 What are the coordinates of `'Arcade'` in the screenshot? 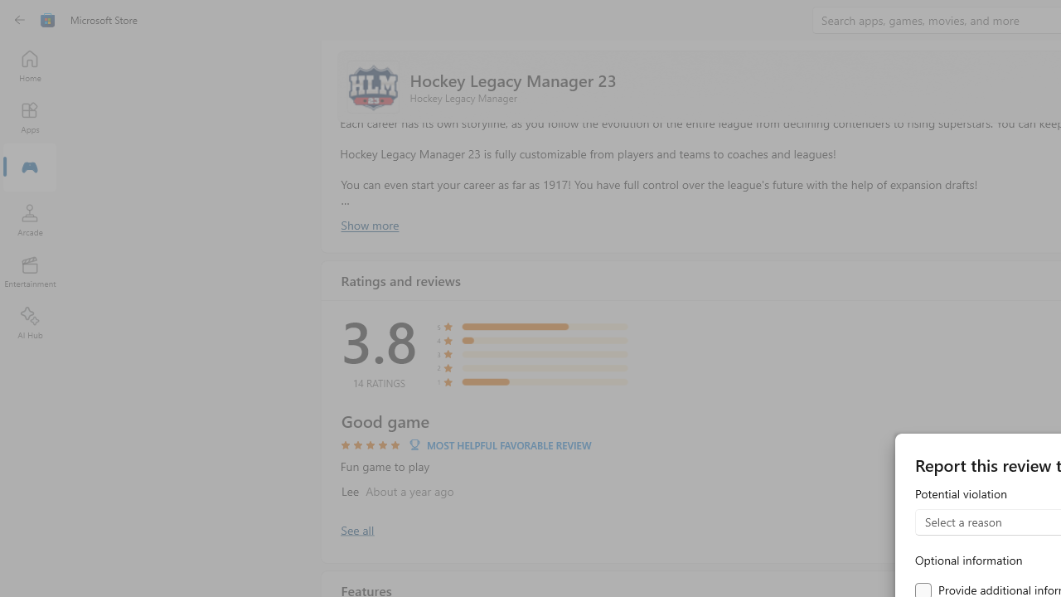 It's located at (29, 219).